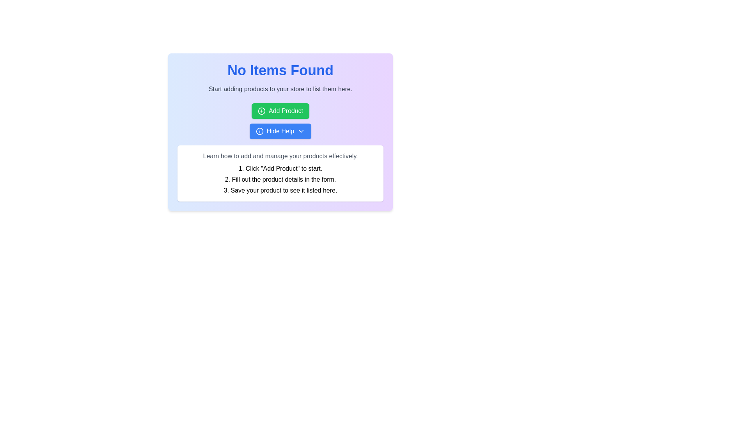 The height and width of the screenshot is (421, 749). What do you see at coordinates (280, 168) in the screenshot?
I see `static text that says 'Click "Add Product" to start.' which is the first item in a numbered list within a white card section under the heading 'Learn how to add and manage your products effectively'` at bounding box center [280, 168].